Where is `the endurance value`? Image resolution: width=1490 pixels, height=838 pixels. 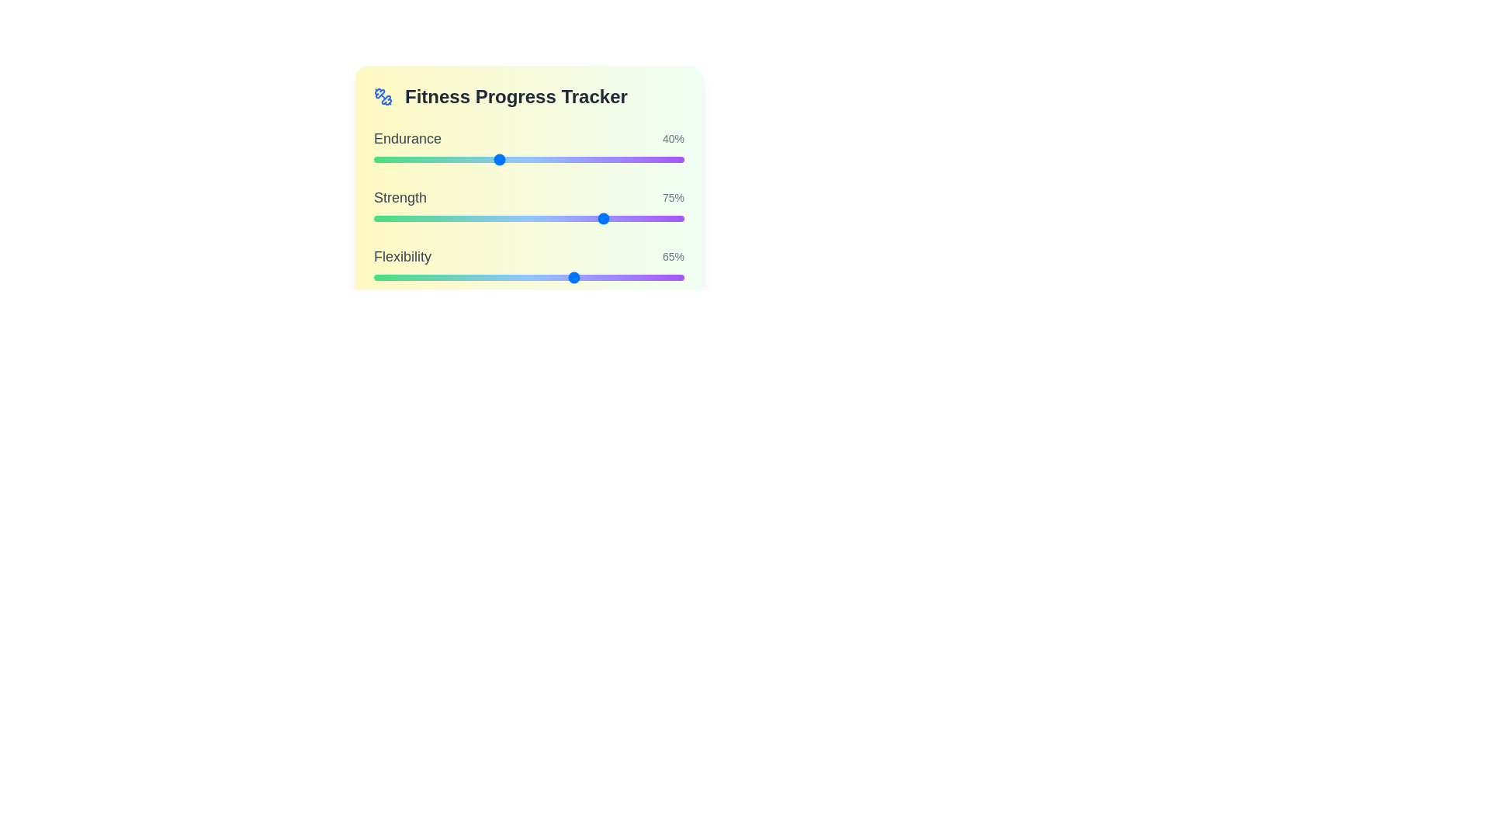
the endurance value is located at coordinates (376, 159).